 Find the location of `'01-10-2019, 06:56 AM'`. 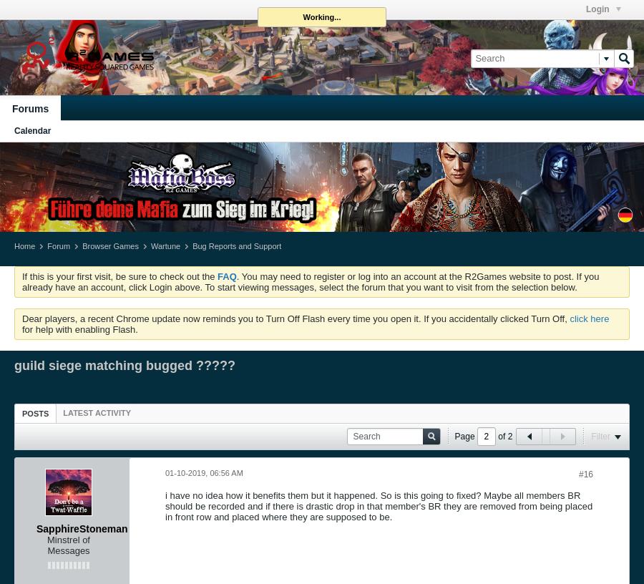

'01-10-2019, 06:56 AM' is located at coordinates (203, 471).